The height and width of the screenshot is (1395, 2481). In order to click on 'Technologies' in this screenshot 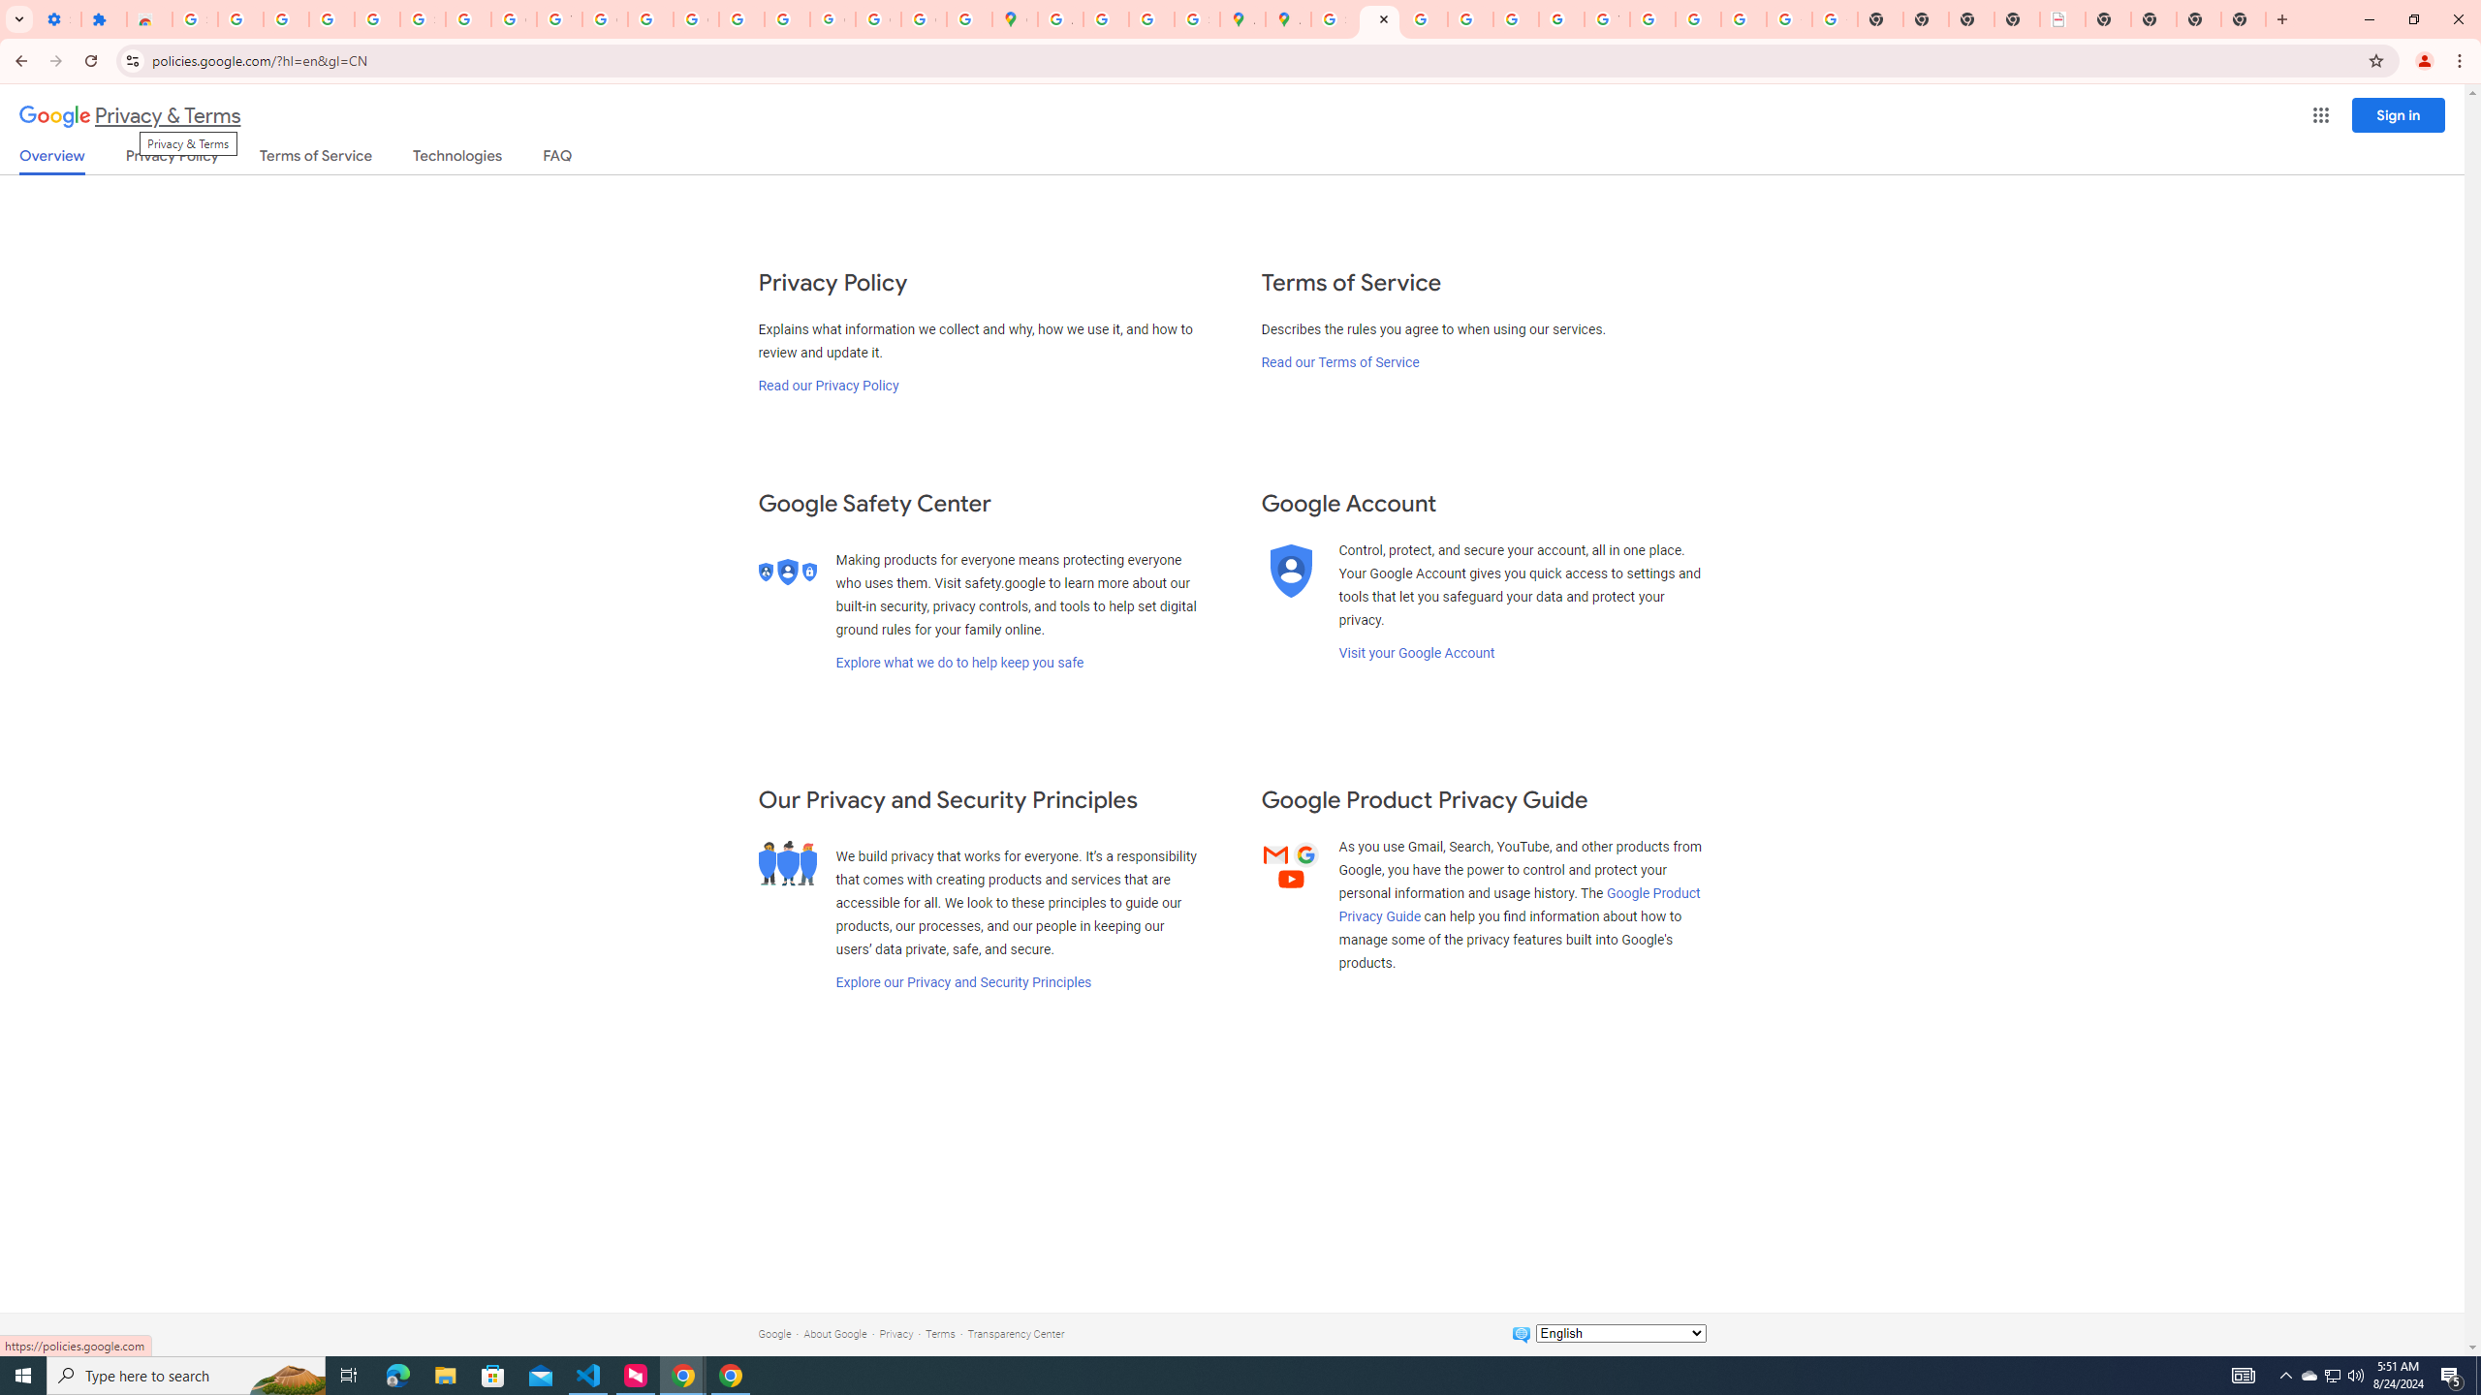, I will do `click(457, 159)`.